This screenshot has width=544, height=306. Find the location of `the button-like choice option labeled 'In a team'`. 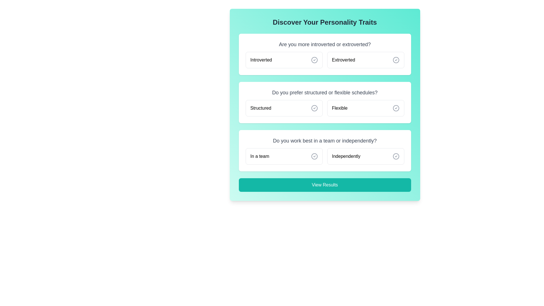

the button-like choice option labeled 'In a team' is located at coordinates (284, 156).